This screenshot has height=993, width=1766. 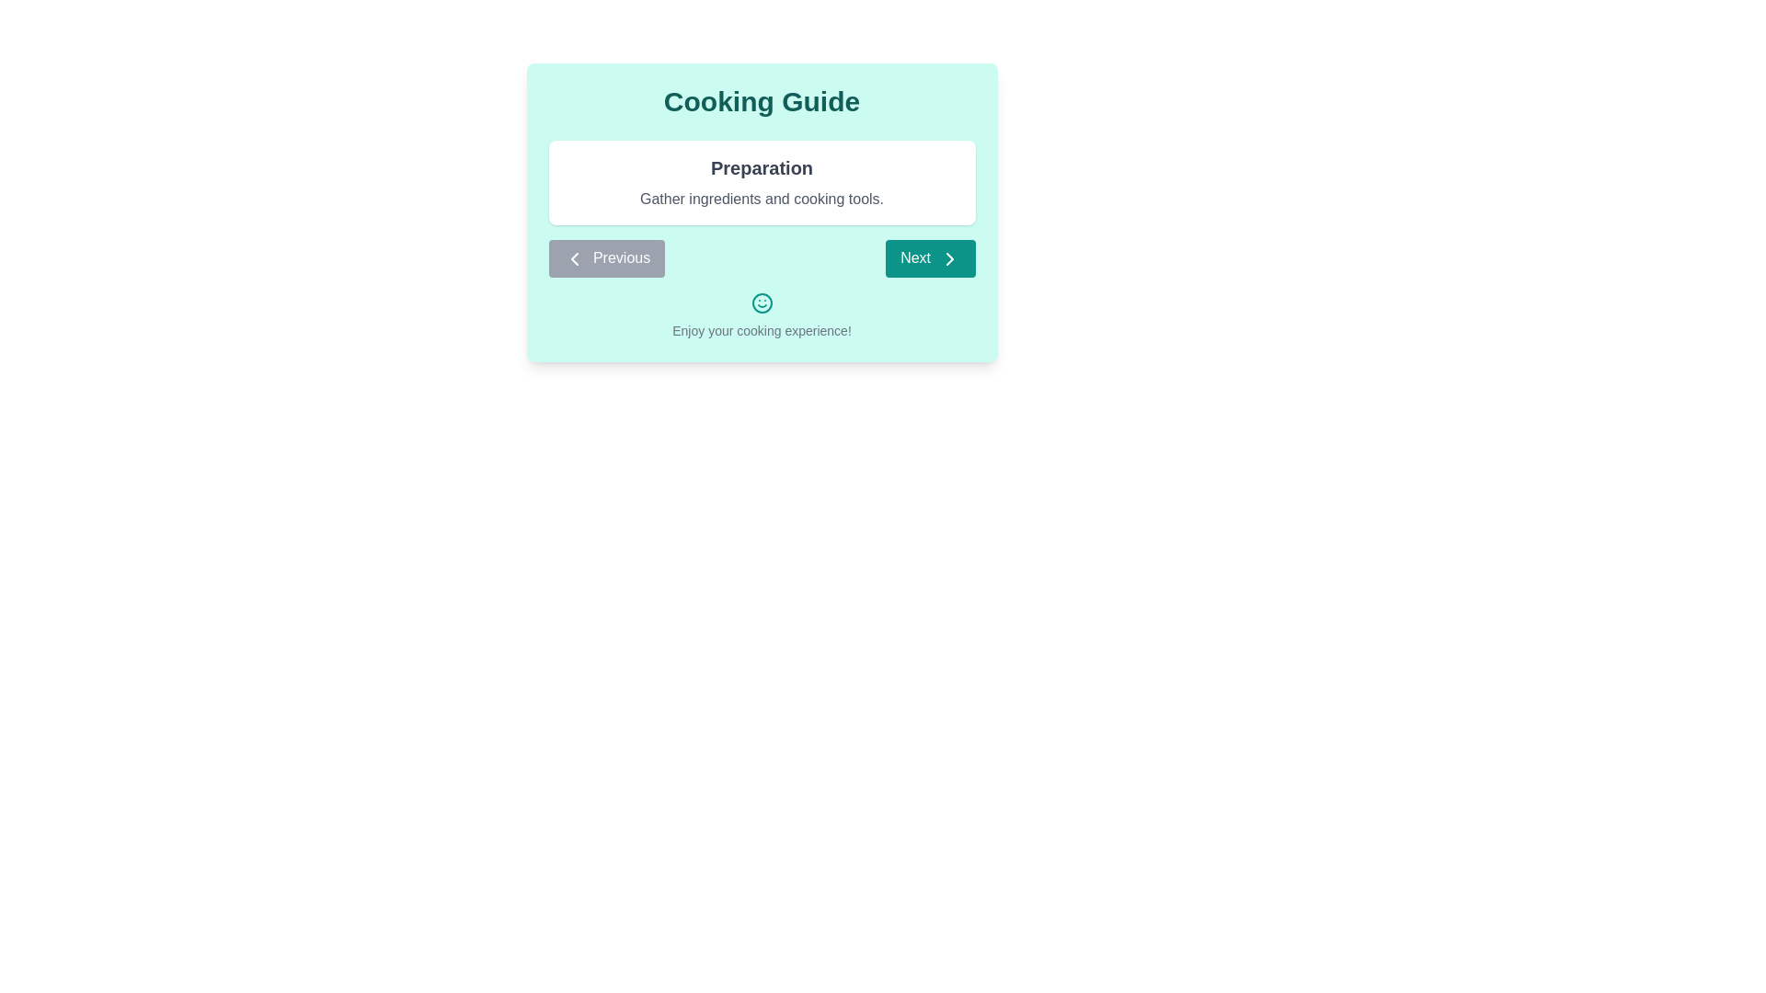 I want to click on the 'Next' button located on the right-hand side of the 'Previous' button, positioned at the bottom of the modal interface beneath the 'Preparation' title, to proceed to the next step, so click(x=930, y=258).